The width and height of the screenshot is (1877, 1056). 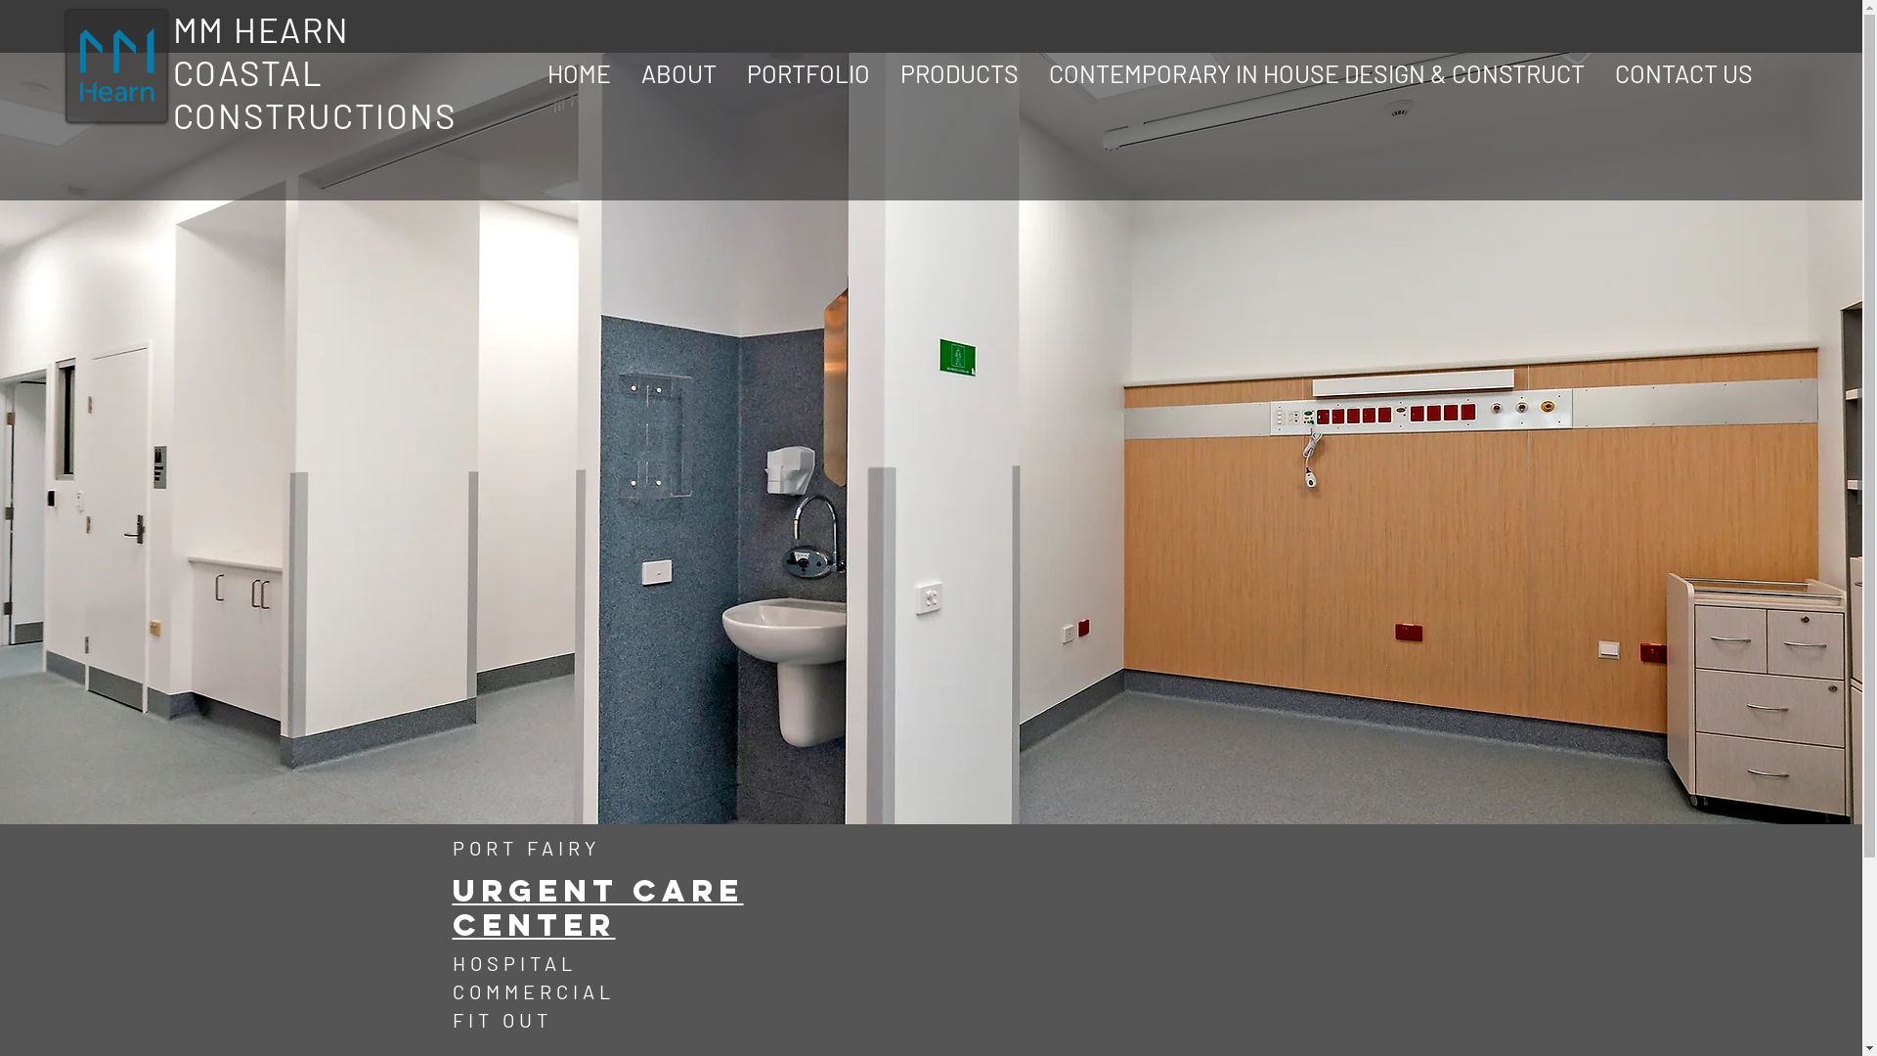 I want to click on 'PORTFOLIO', so click(x=808, y=71).